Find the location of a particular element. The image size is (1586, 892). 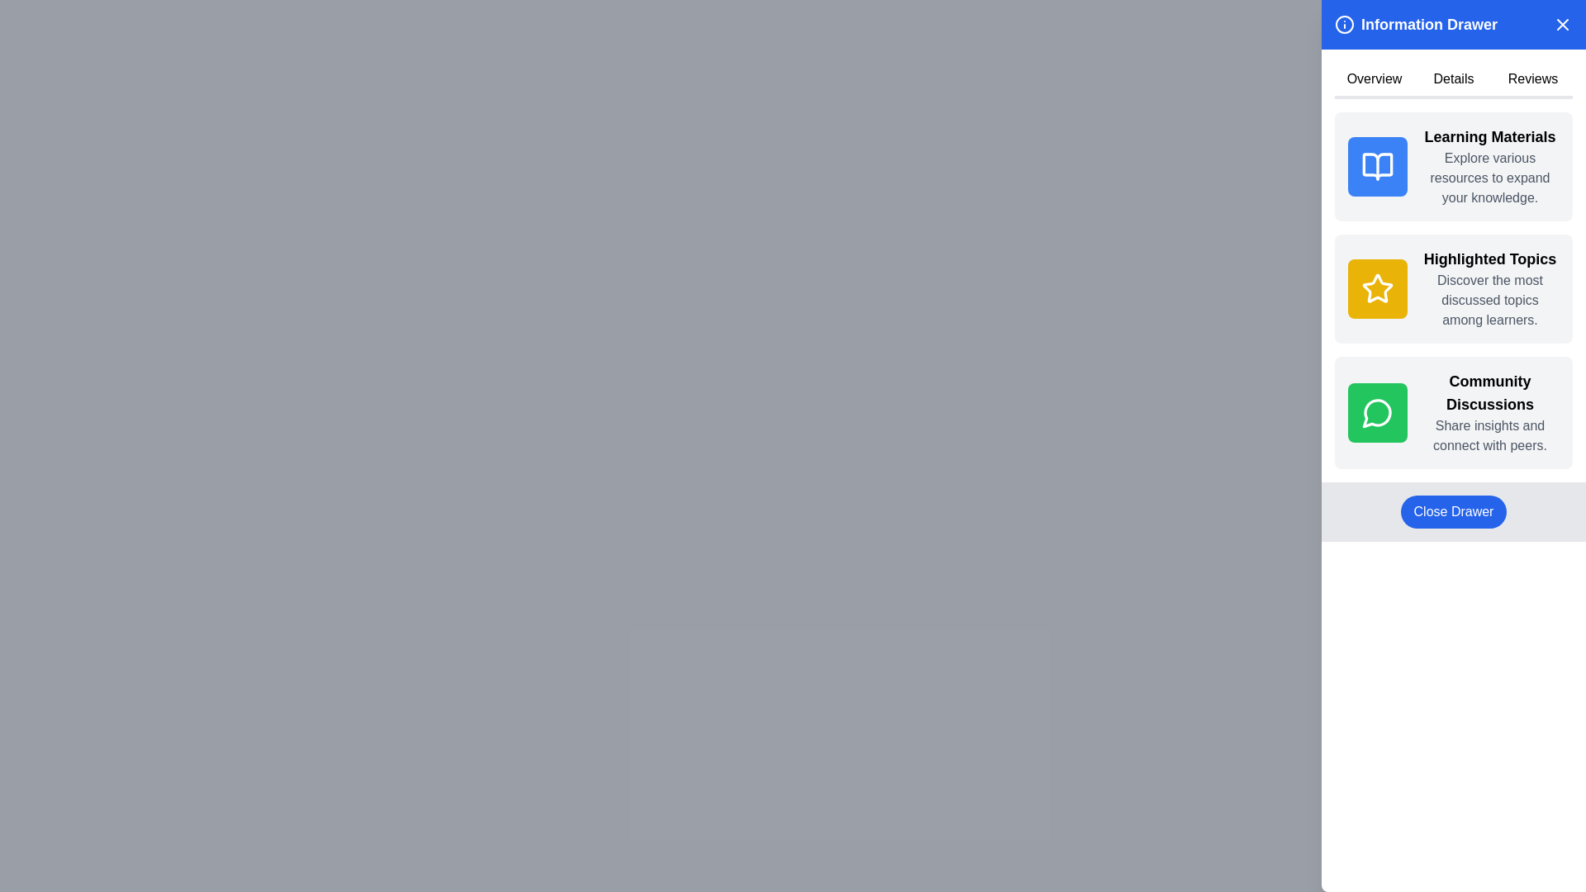

the second List Item or Section Tile in the sidebar, which indicates a category or topic, situated between 'Learning Materials' above and 'Community Discussions' below is located at coordinates (1454, 288).